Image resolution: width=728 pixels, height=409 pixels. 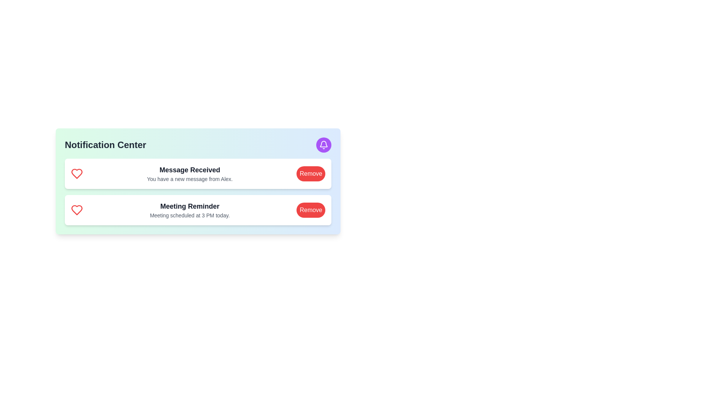 What do you see at coordinates (77, 174) in the screenshot?
I see `the icon that signifies a message or notification type, located at the leftmost side of the 'Message Received' notification` at bounding box center [77, 174].